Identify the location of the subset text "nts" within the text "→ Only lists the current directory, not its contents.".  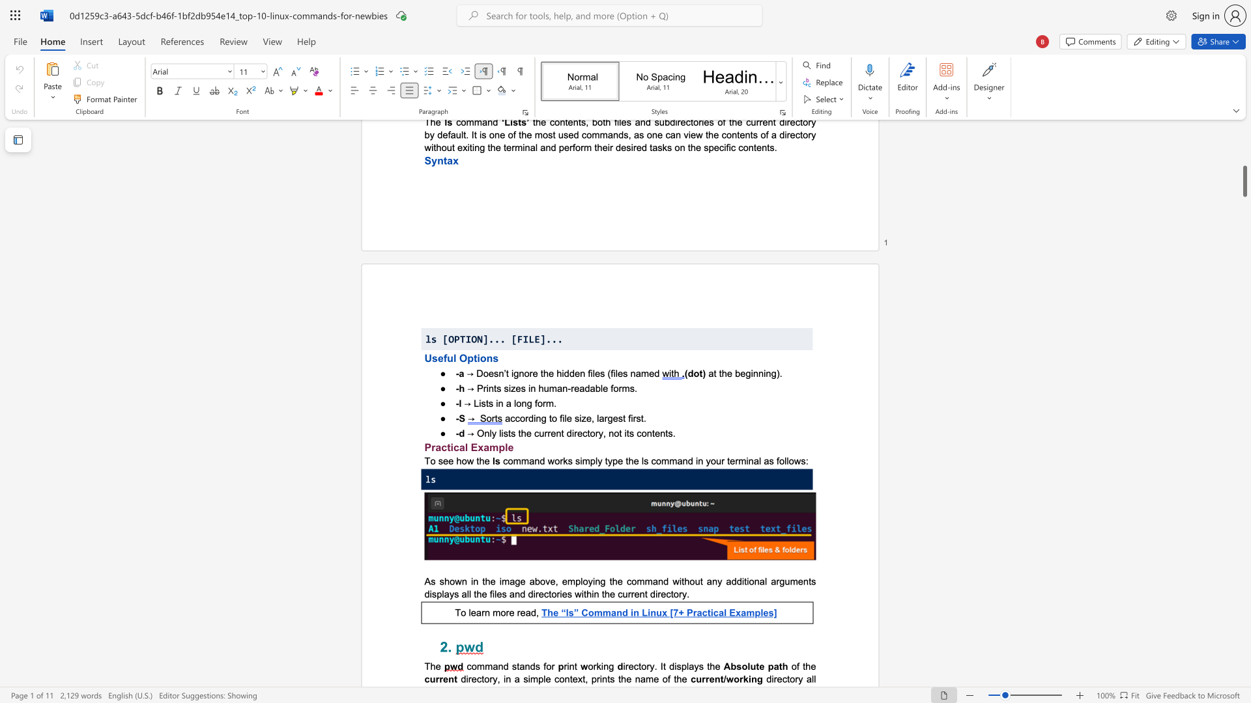
(660, 433).